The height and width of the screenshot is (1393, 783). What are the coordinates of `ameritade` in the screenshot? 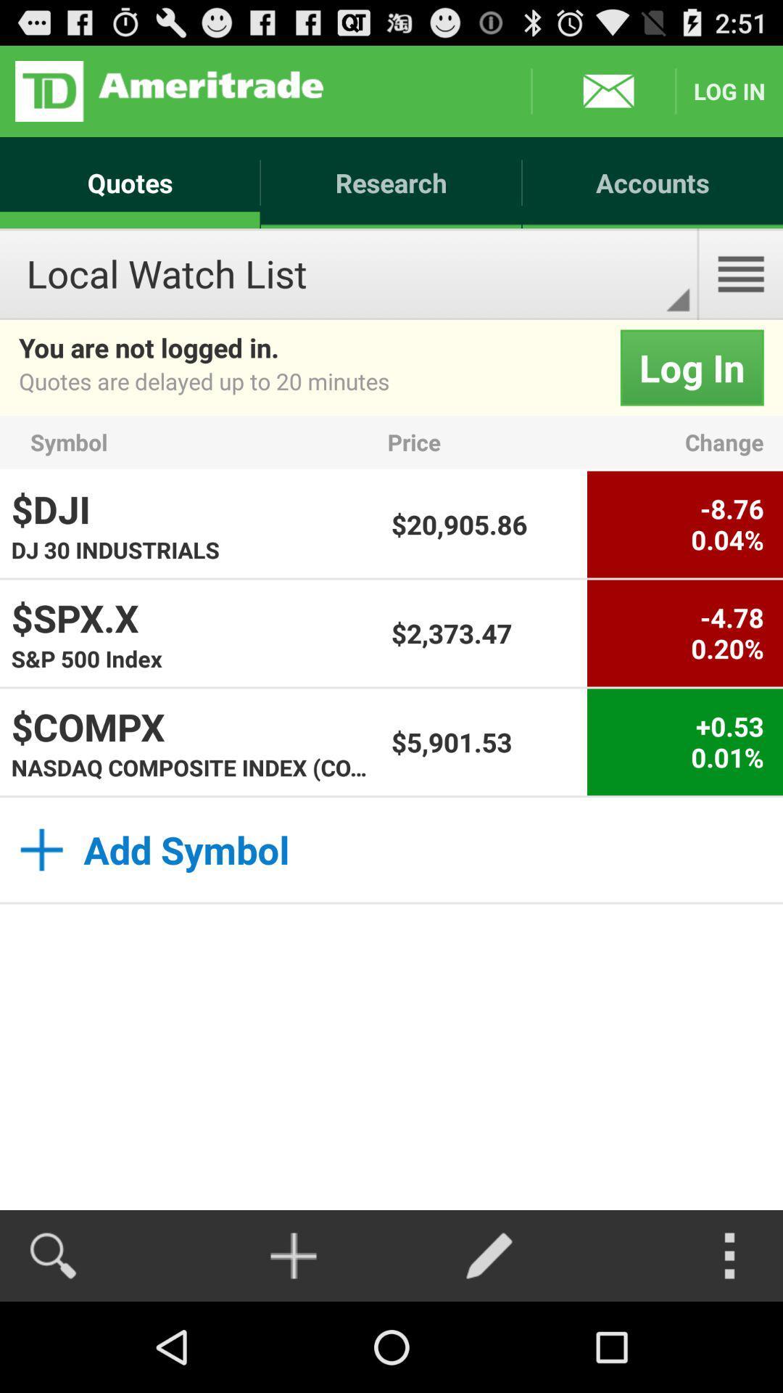 It's located at (168, 90).